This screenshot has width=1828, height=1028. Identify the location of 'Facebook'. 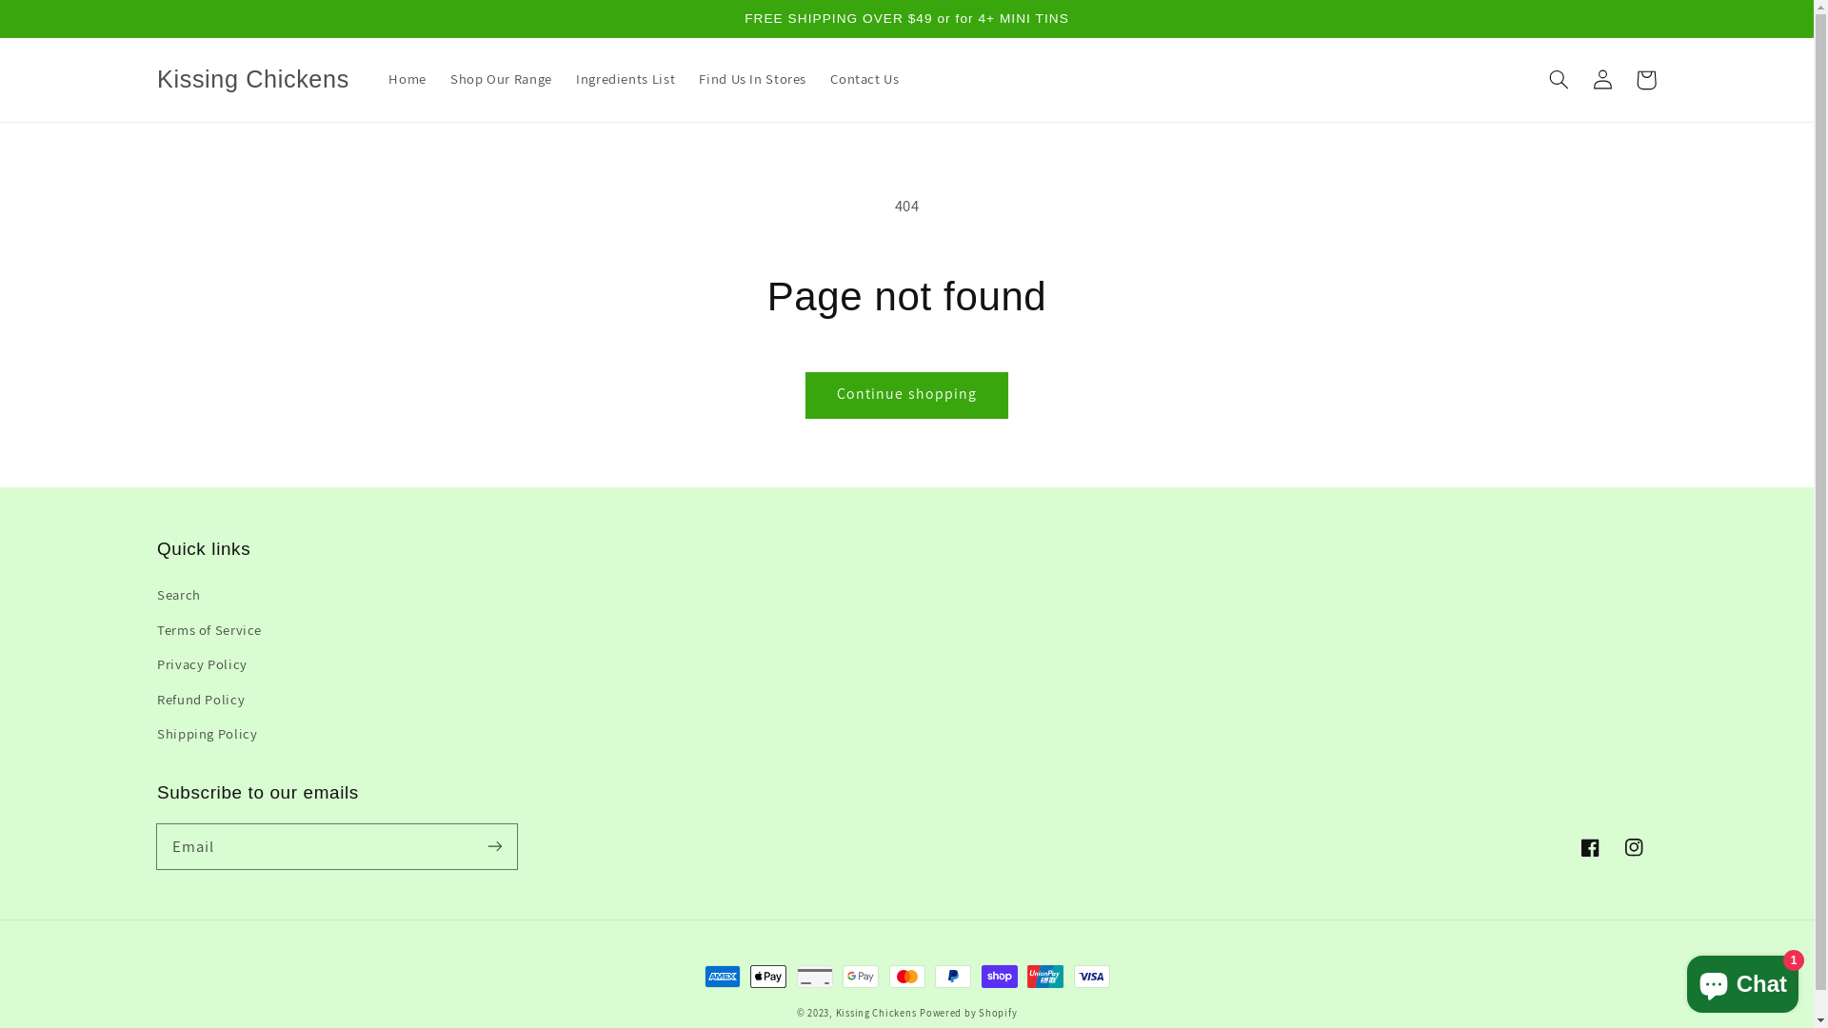
(1568, 846).